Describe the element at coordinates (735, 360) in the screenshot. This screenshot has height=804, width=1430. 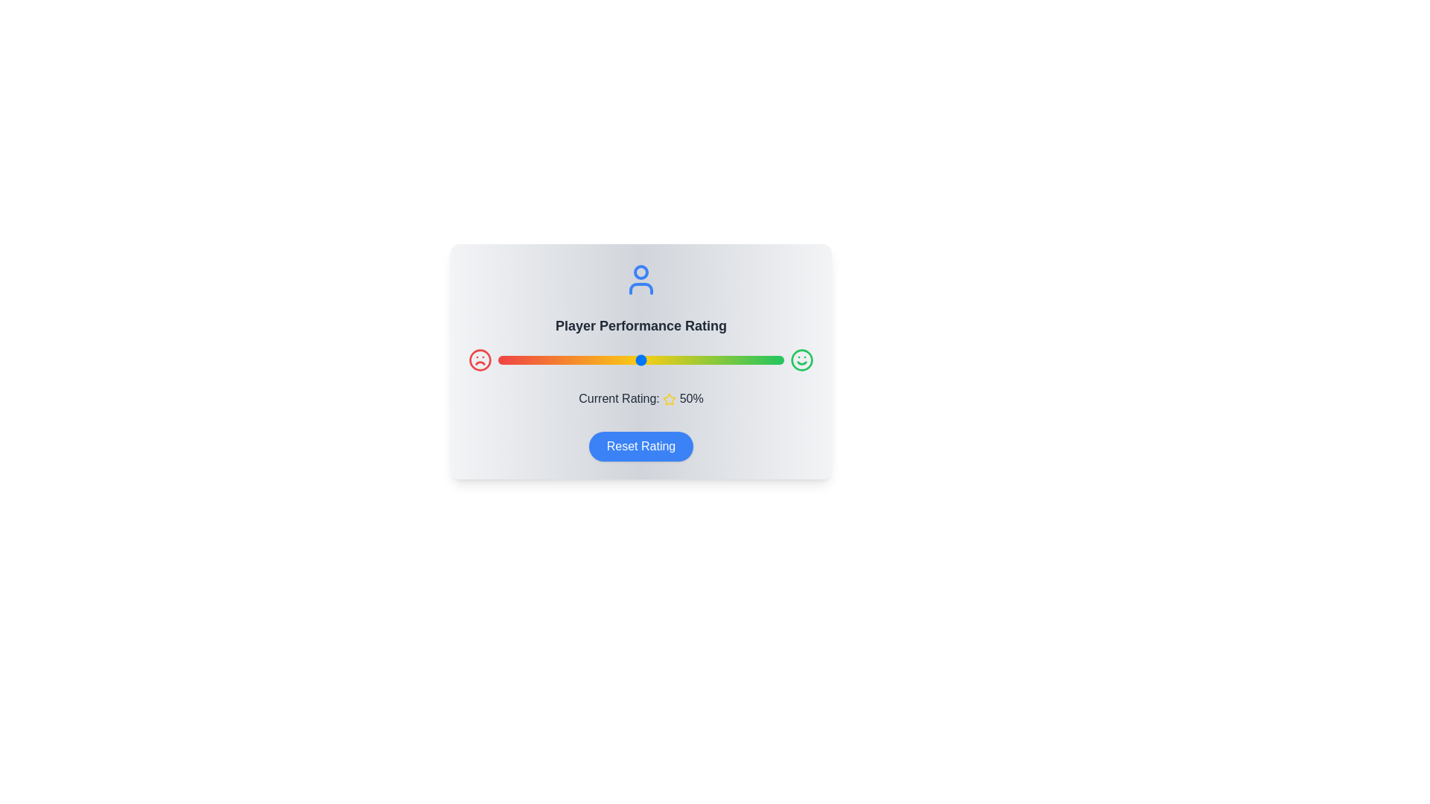
I see `the slider to set the rating to 83%` at that location.